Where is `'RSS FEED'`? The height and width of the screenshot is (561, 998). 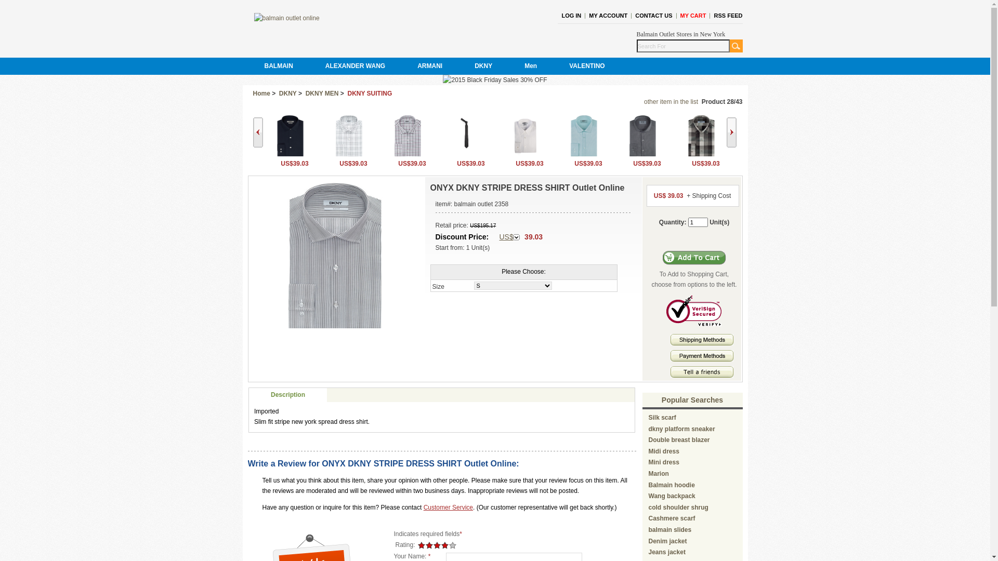
'RSS FEED' is located at coordinates (727, 16).